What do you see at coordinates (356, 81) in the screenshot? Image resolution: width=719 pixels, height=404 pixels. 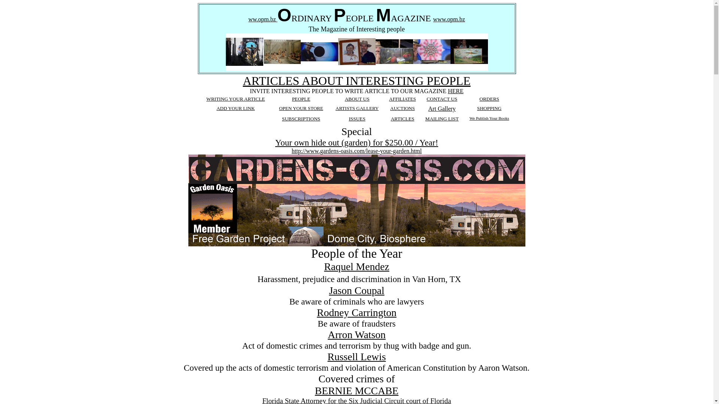 I see `'ARTICLES ABOUT INTERESTING PEOPLE'` at bounding box center [356, 81].